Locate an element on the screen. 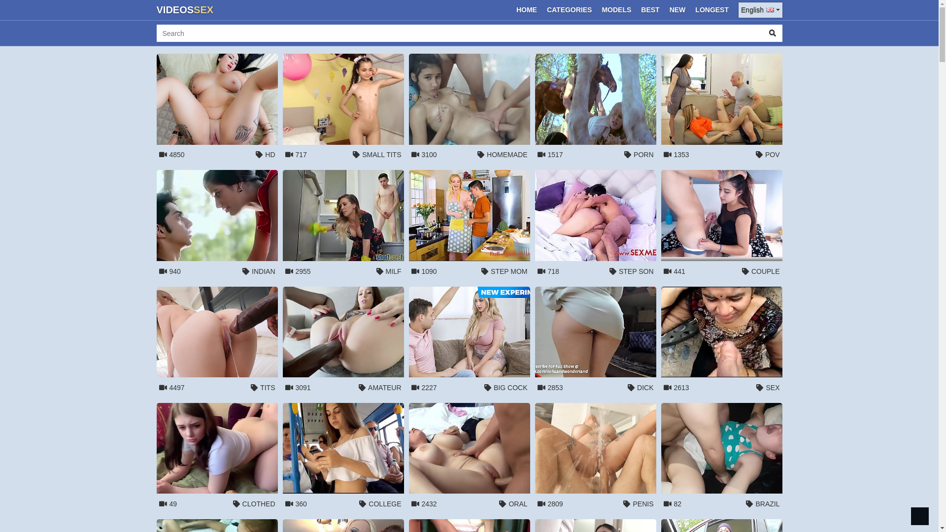 The image size is (946, 532). '1517 is located at coordinates (595, 109).